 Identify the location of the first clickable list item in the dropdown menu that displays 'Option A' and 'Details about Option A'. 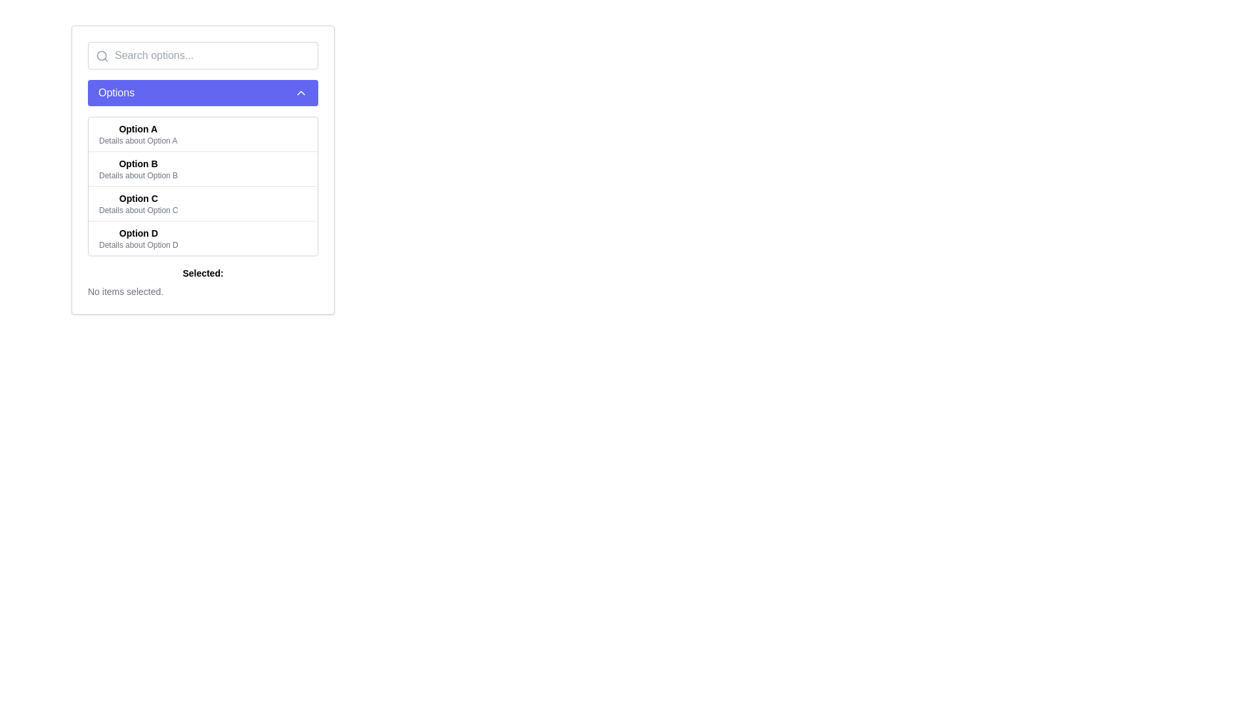
(202, 134).